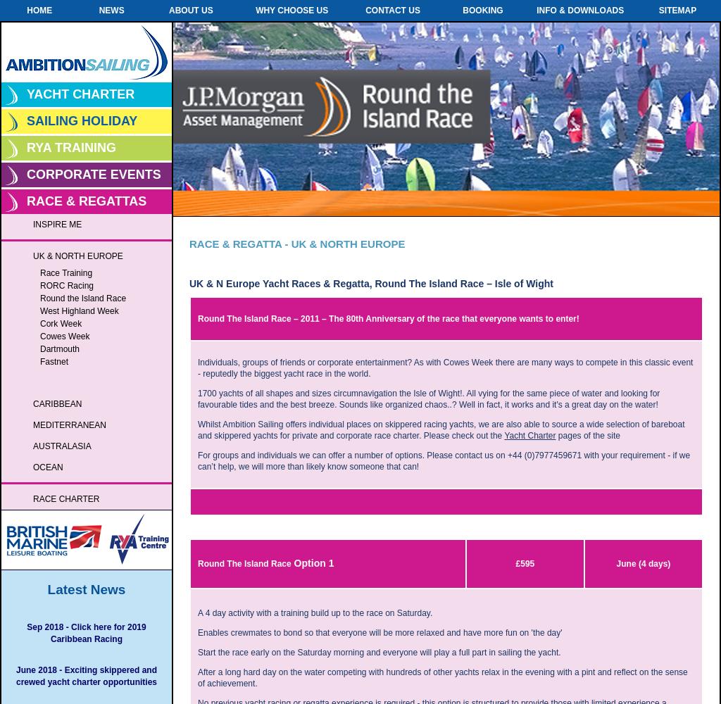 Image resolution: width=721 pixels, height=704 pixels. Describe the element at coordinates (197, 318) in the screenshot. I see `'Round  The Island Race – 2011 – The 80th Anniversary of the race that  everyone wants to enter!'` at that location.